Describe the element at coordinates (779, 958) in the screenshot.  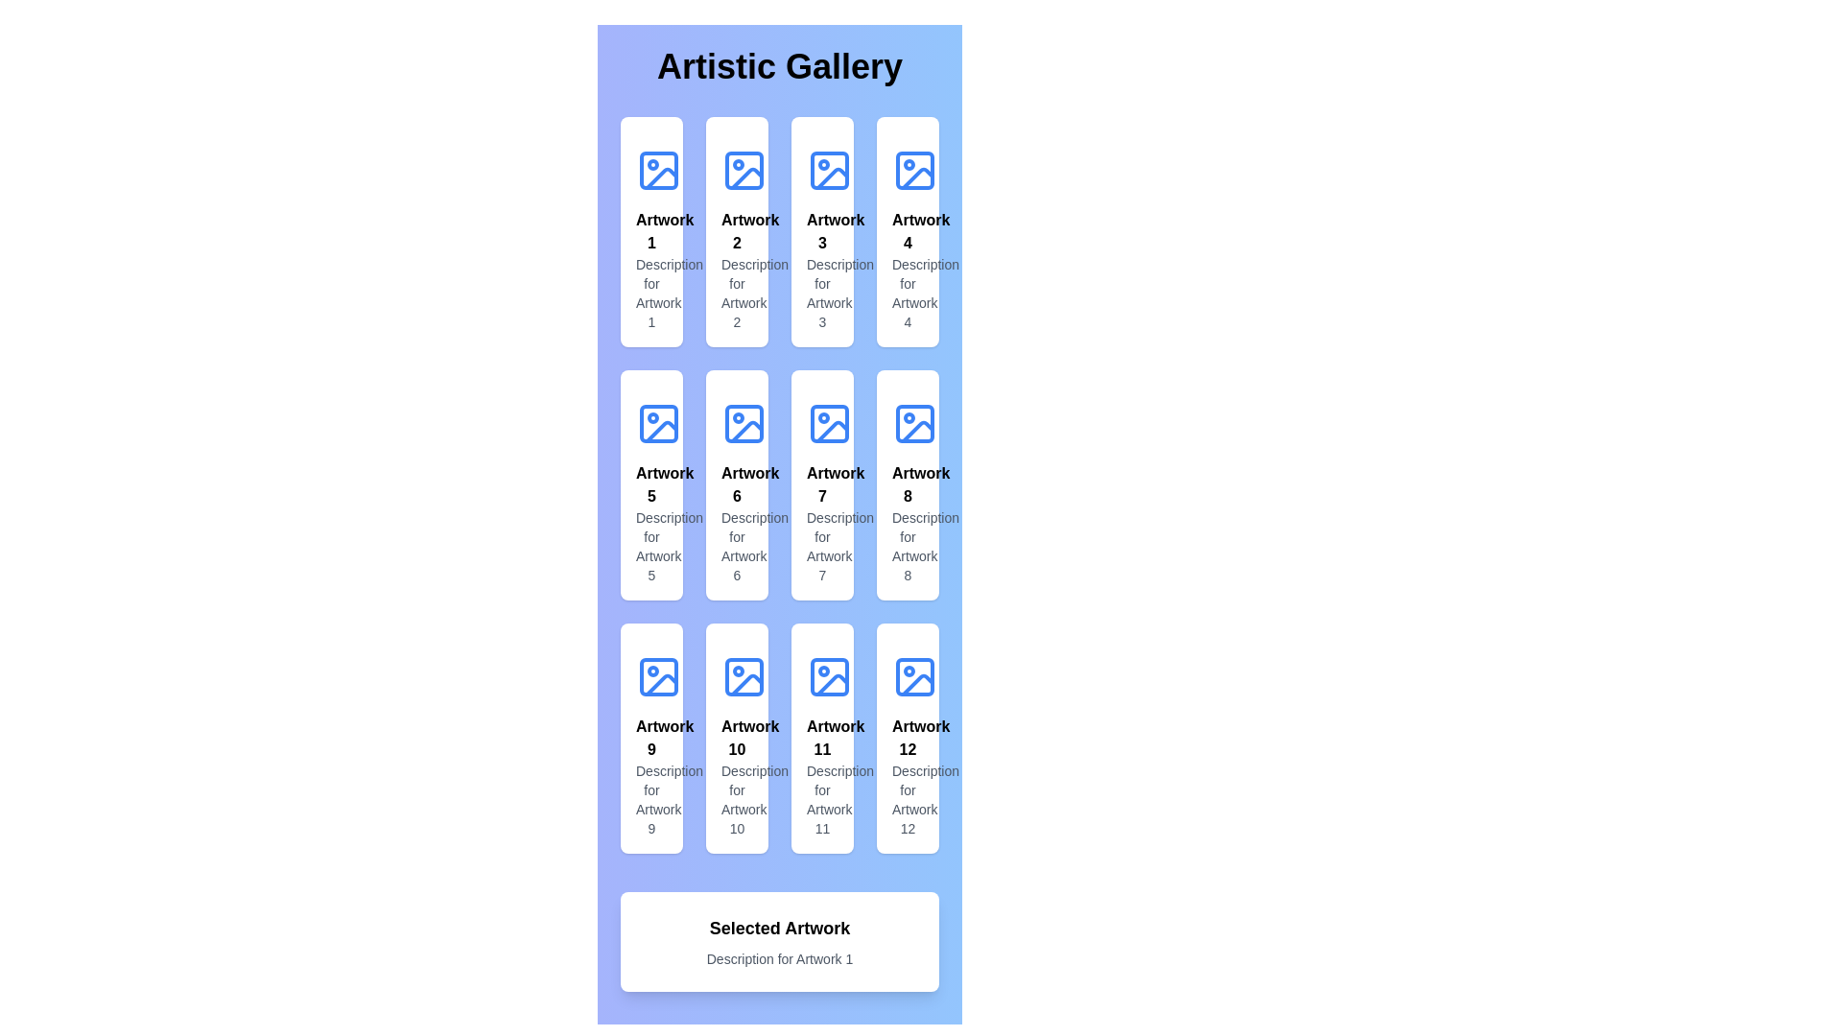
I see `the label providing information about 'Artwork 1', located below the 'Selected Artwork' heading in the bottom panel` at that location.